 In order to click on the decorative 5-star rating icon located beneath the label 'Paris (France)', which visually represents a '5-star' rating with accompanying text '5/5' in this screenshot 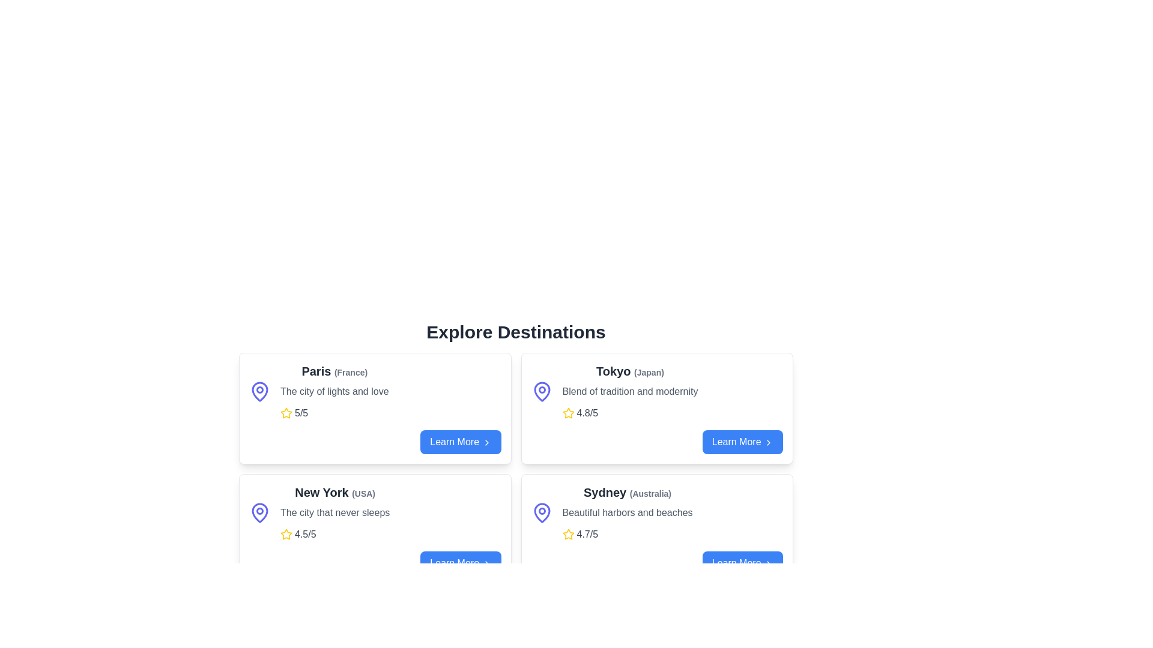, I will do `click(285, 413)`.